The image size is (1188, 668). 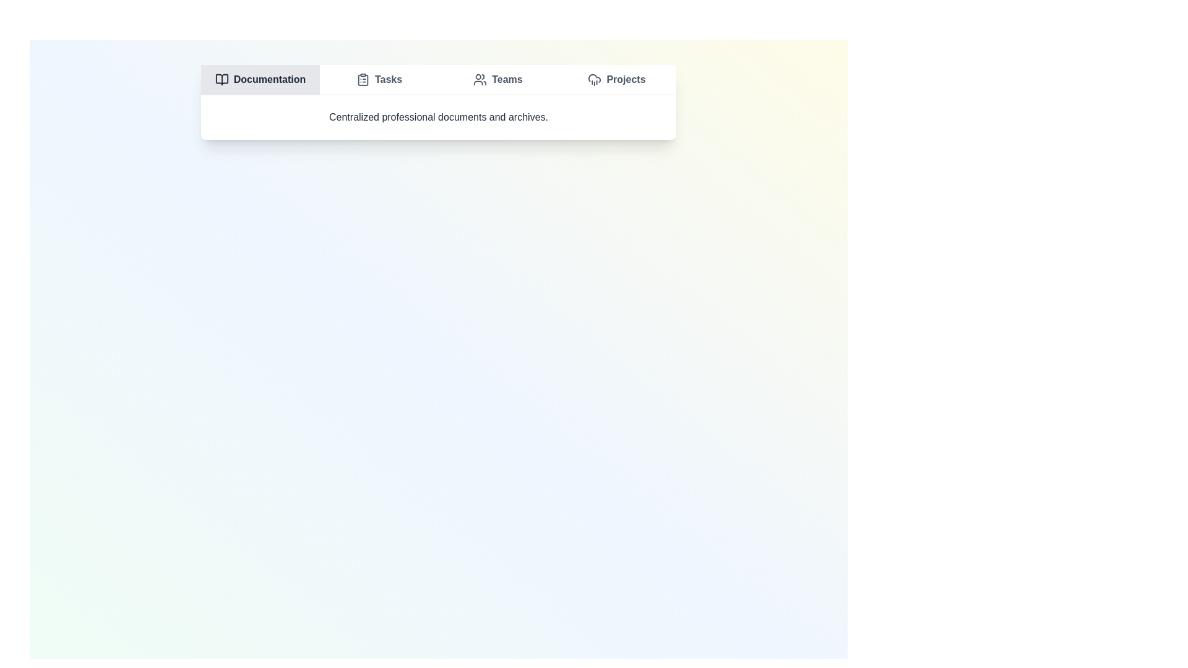 What do you see at coordinates (379, 79) in the screenshot?
I see `the tab labeled Tasks to view its hover effects` at bounding box center [379, 79].